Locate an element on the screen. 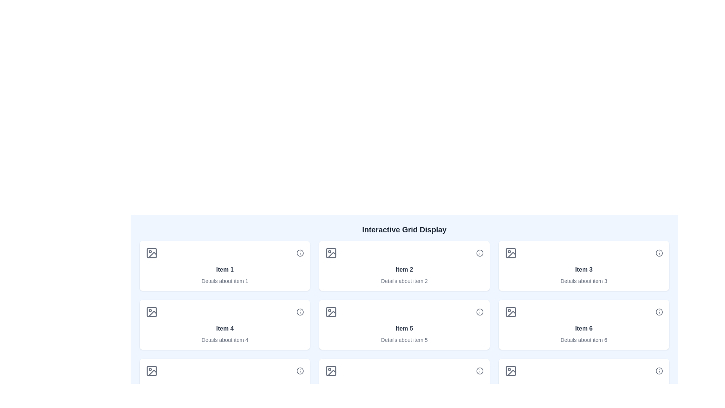  the background square of the icon located at the upper right of the card labeled 'Item 3' within a grid layout is located at coordinates (511, 253).